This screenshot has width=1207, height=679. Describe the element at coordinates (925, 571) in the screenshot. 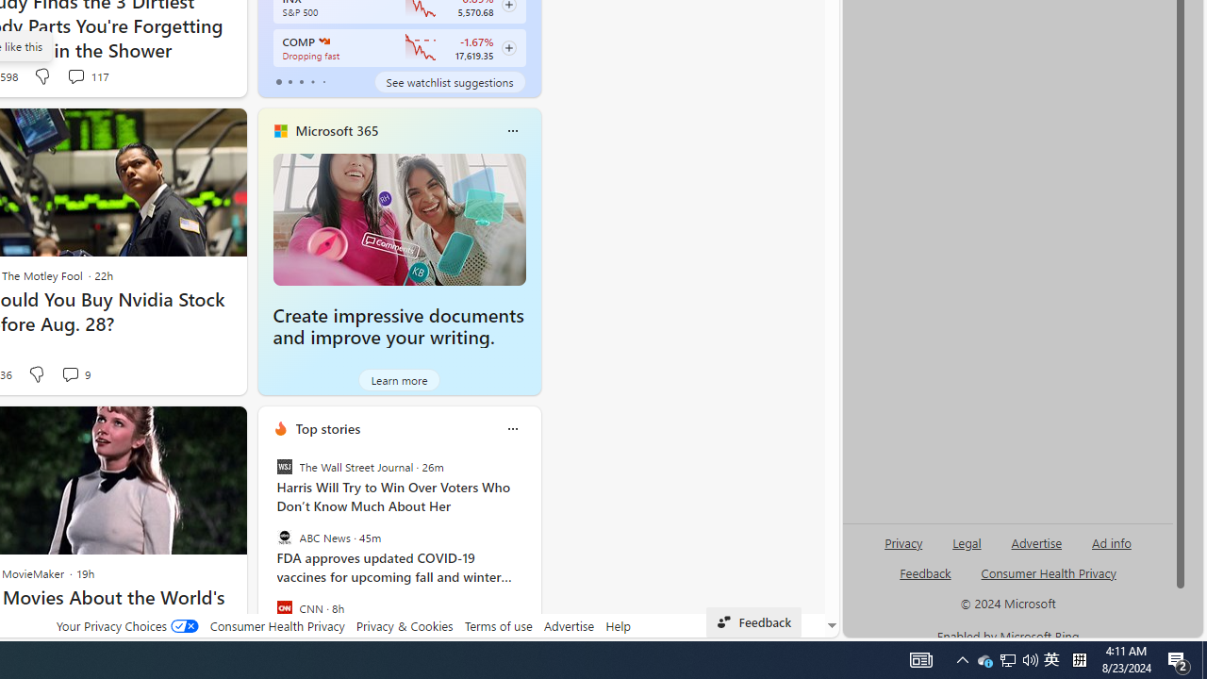

I see `'AutomationID: sb_feedback'` at that location.